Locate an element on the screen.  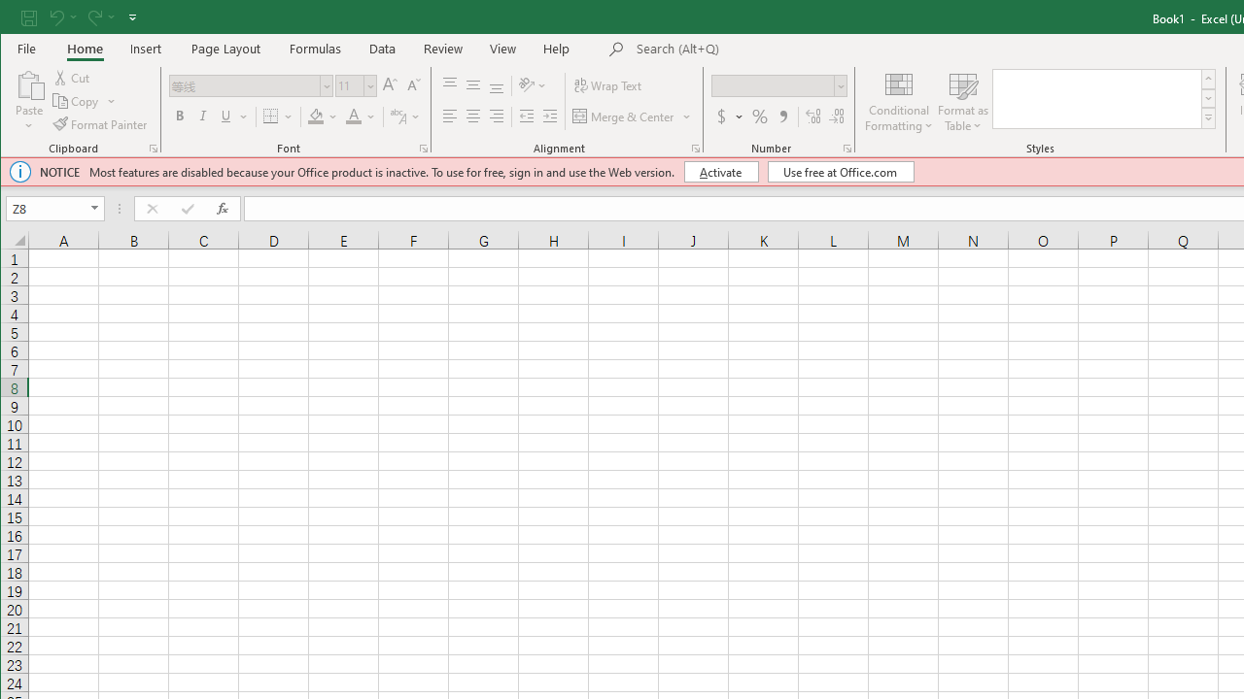
'Decrease Indent' is located at coordinates (527, 116).